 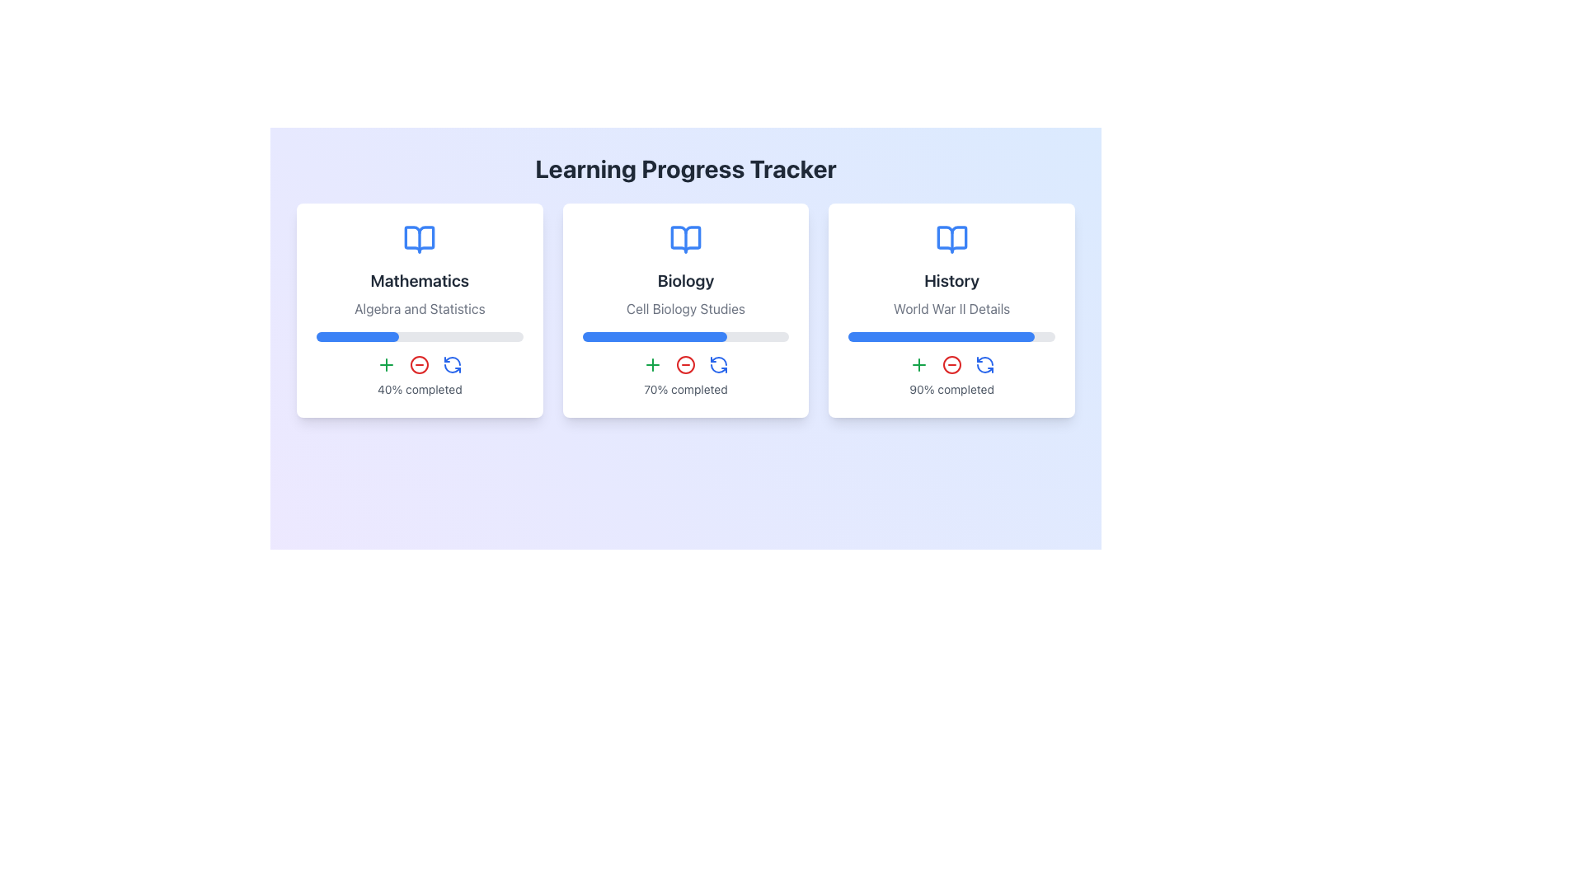 What do you see at coordinates (951, 335) in the screenshot?
I see `the progress bar indicating 90% completion, which is located in the rightmost card titled 'History' below the header 'World War II Details'` at bounding box center [951, 335].